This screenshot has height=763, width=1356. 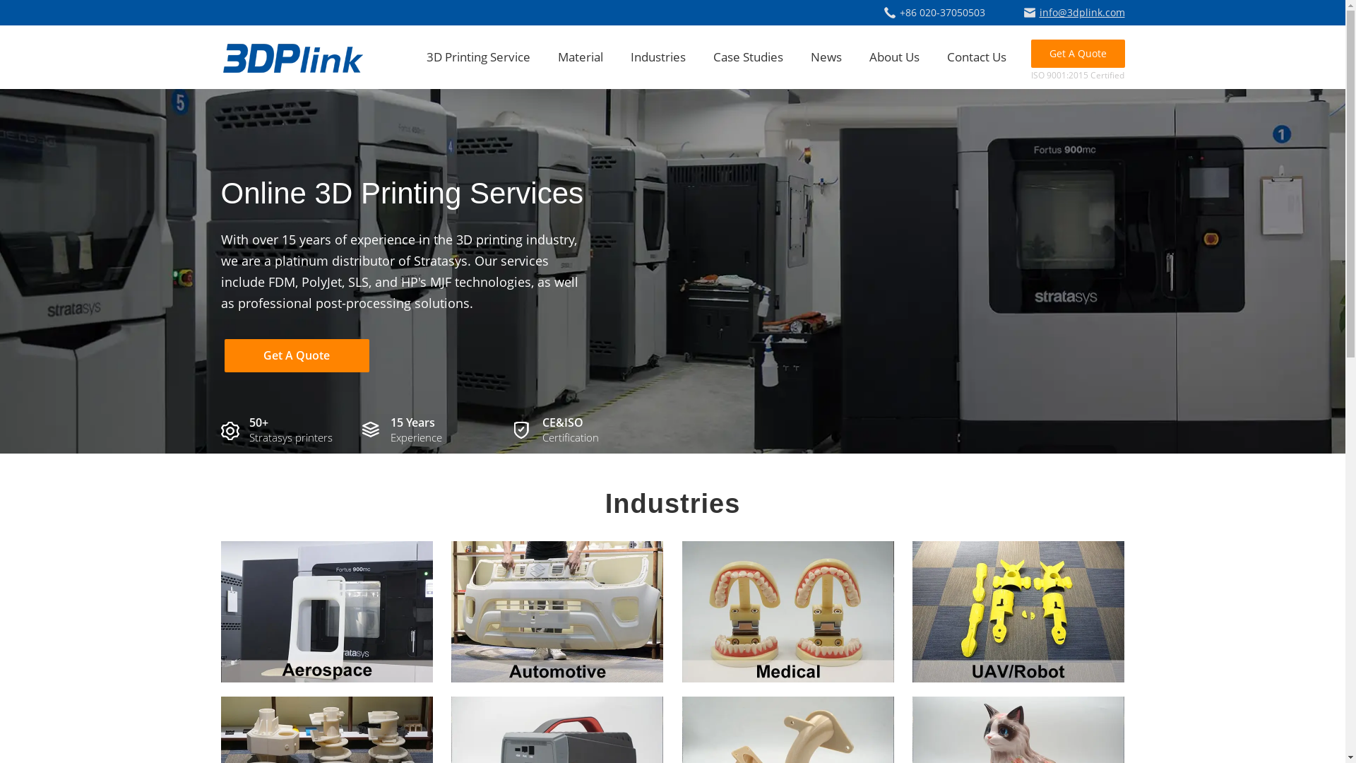 I want to click on 'Contact Us', so click(x=975, y=56).